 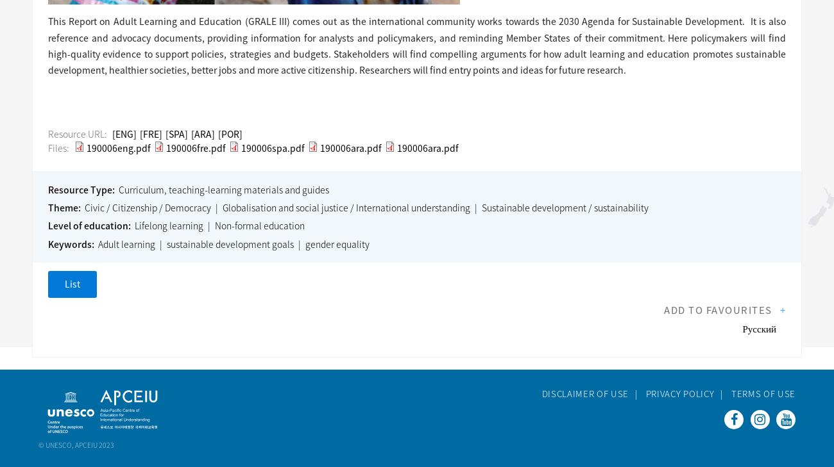 I want to click on 'List', so click(x=71, y=284).